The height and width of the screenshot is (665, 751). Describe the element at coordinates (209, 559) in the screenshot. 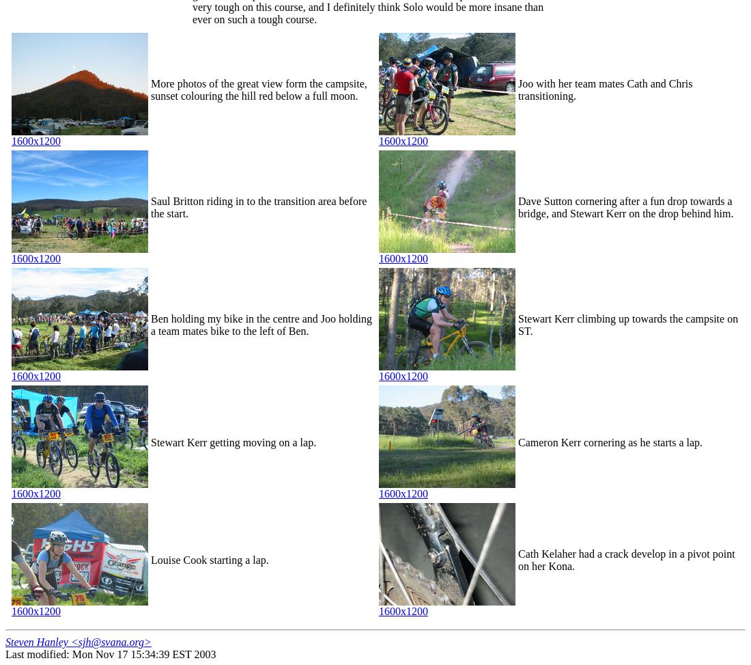

I see `'Louise Cook starting a lap.'` at that location.